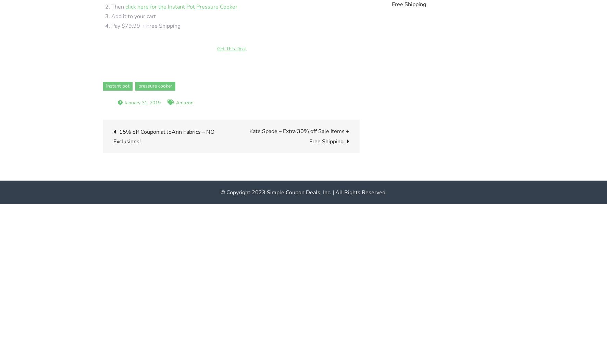  I want to click on 'instant pot', so click(117, 86).